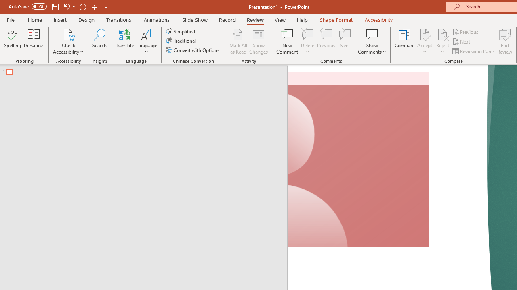  I want to click on 'Design', so click(86, 19).